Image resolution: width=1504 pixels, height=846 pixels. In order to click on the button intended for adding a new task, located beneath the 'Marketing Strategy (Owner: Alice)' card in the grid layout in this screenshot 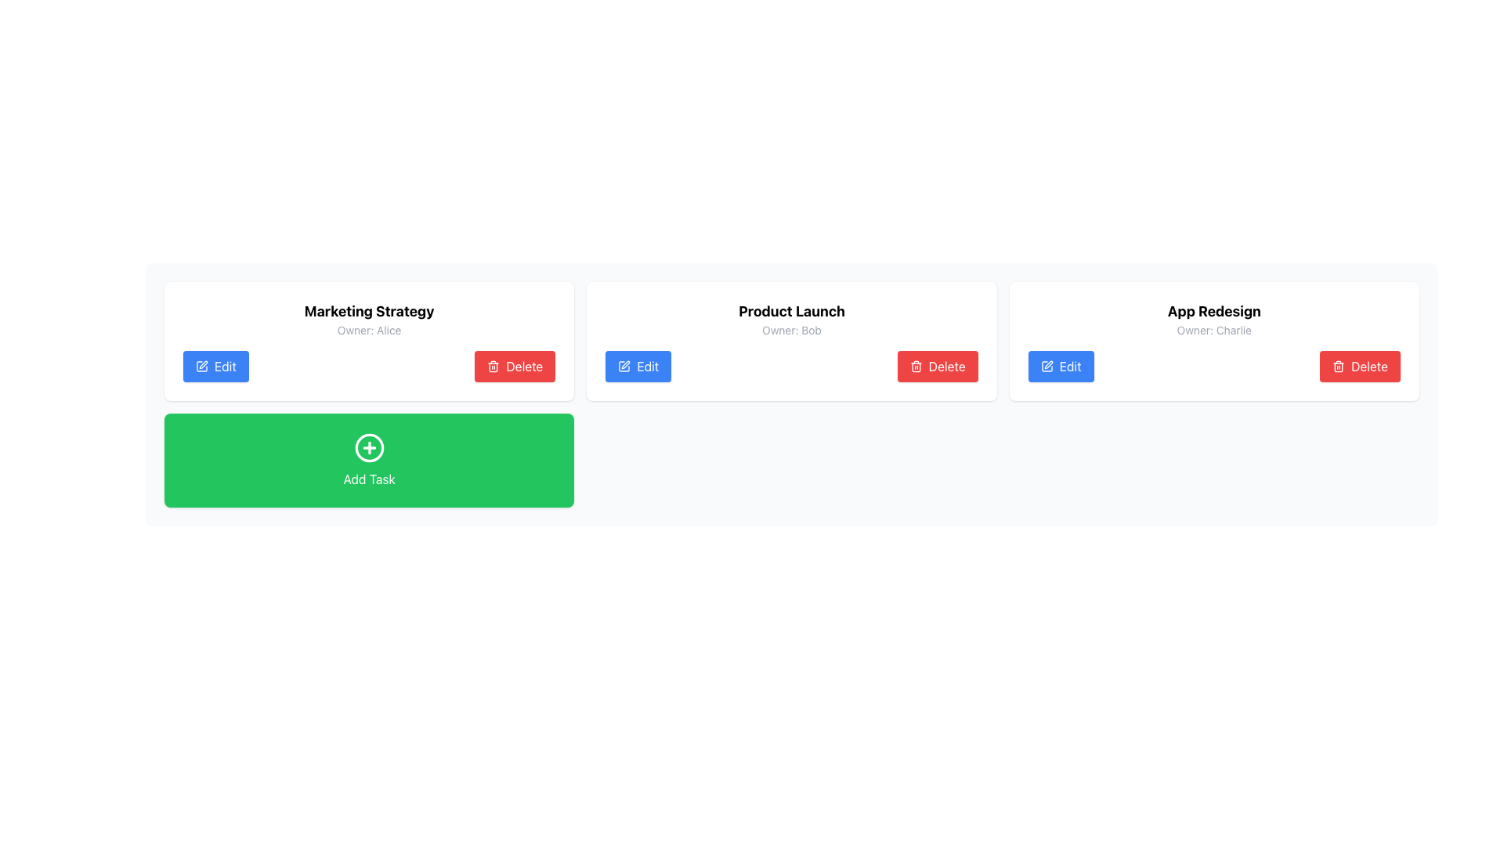, I will do `click(368, 459)`.